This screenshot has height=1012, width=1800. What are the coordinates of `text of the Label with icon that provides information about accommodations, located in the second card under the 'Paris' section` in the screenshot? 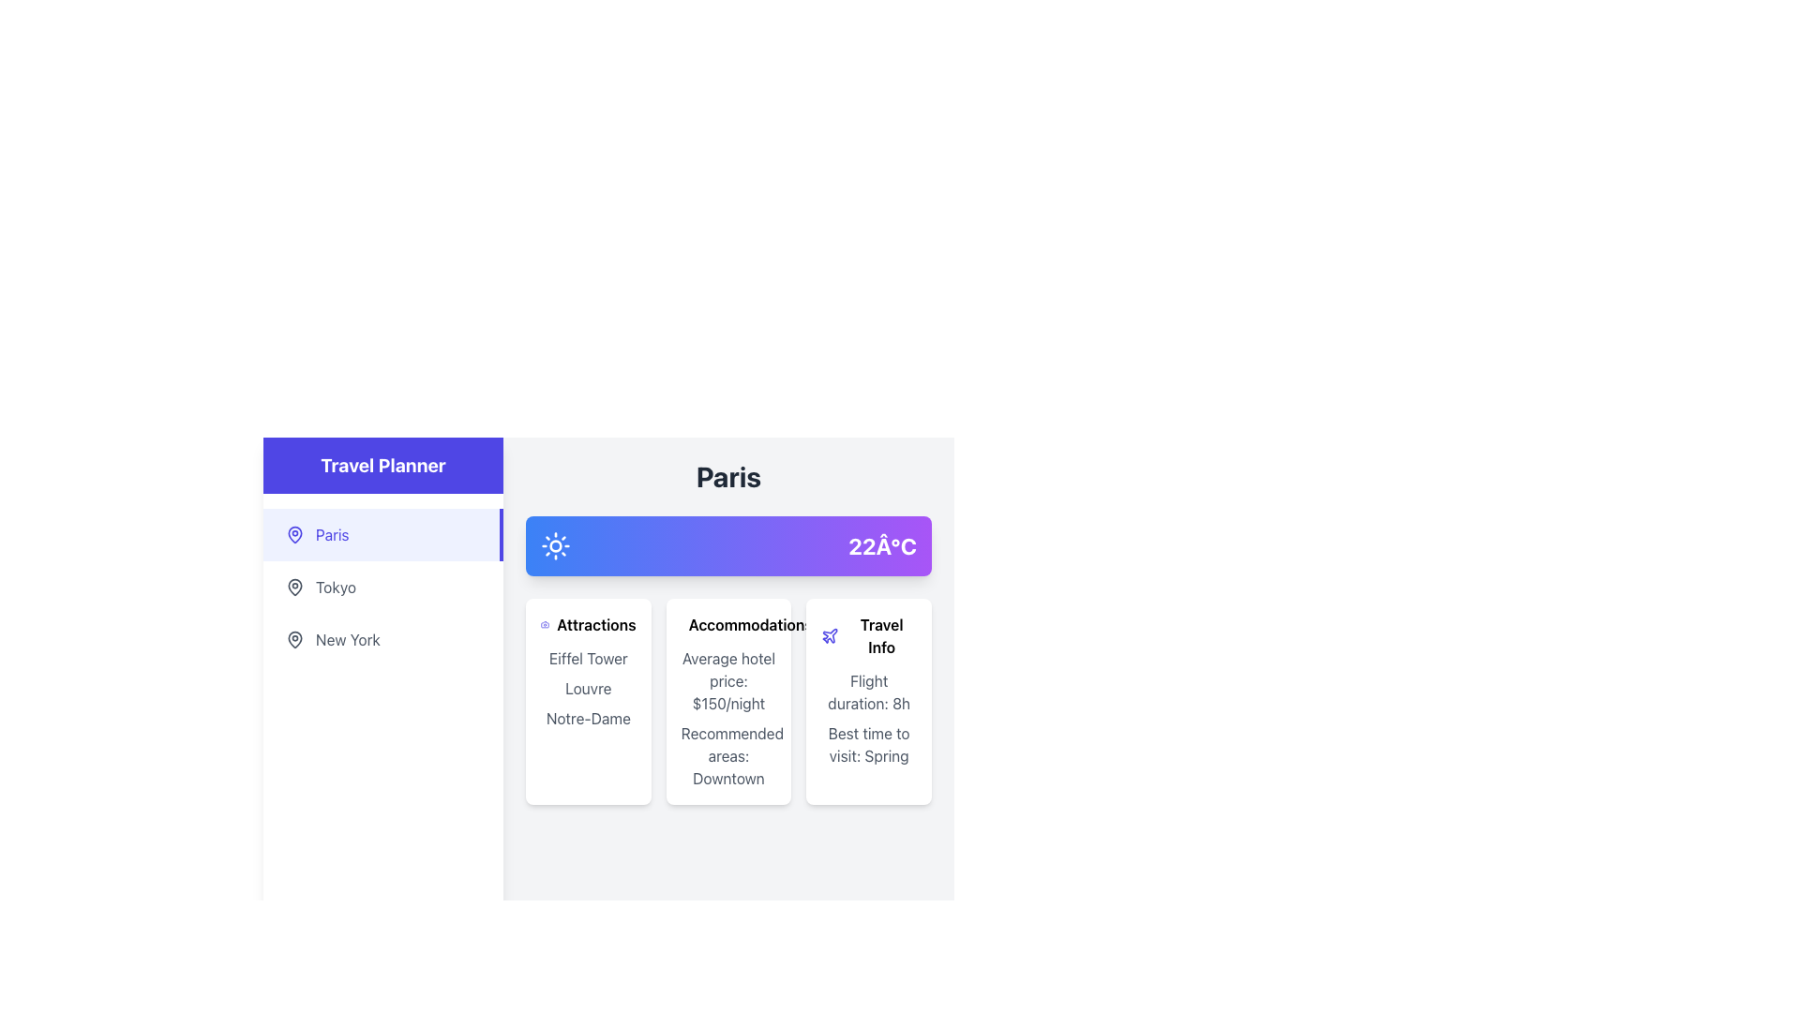 It's located at (727, 625).